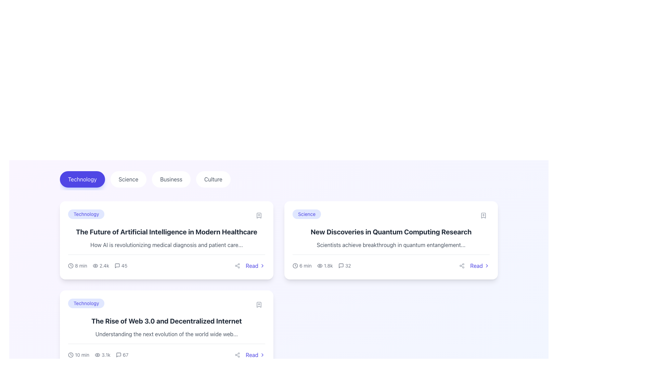  Describe the element at coordinates (259, 304) in the screenshot. I see `the bookmark icon button located at the top right corner of the article card for 'The Rise of Web 3.0 and Decentralized Internet' to bookmark the article` at that location.